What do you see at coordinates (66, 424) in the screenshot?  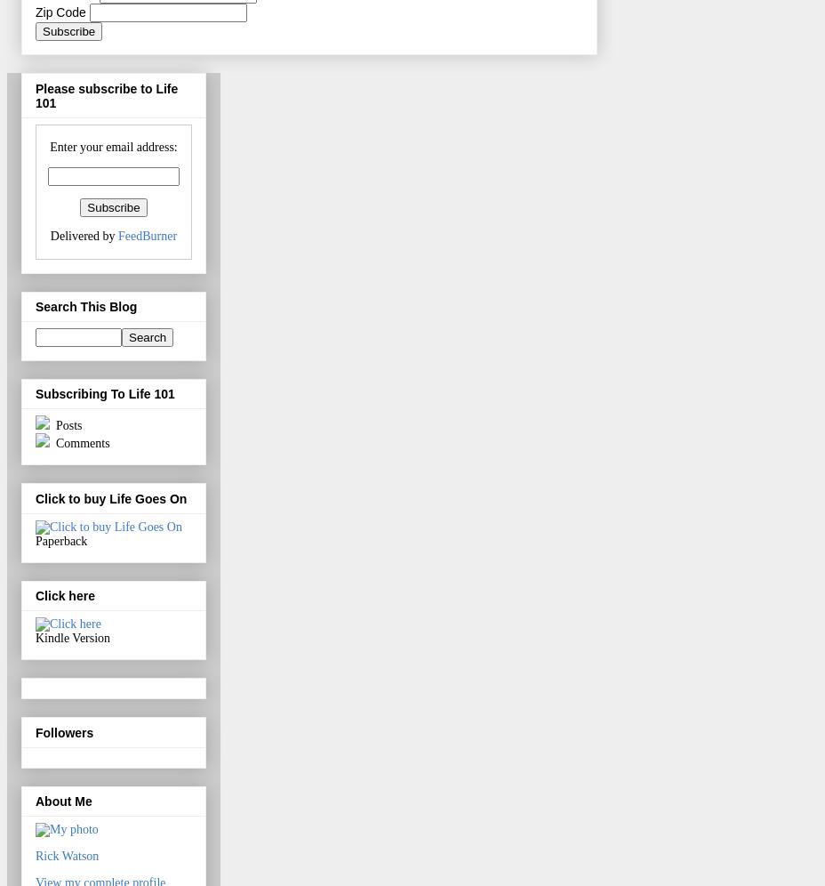 I see `'Posts'` at bounding box center [66, 424].